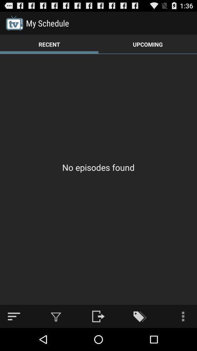  I want to click on the upcoming item, so click(148, 44).